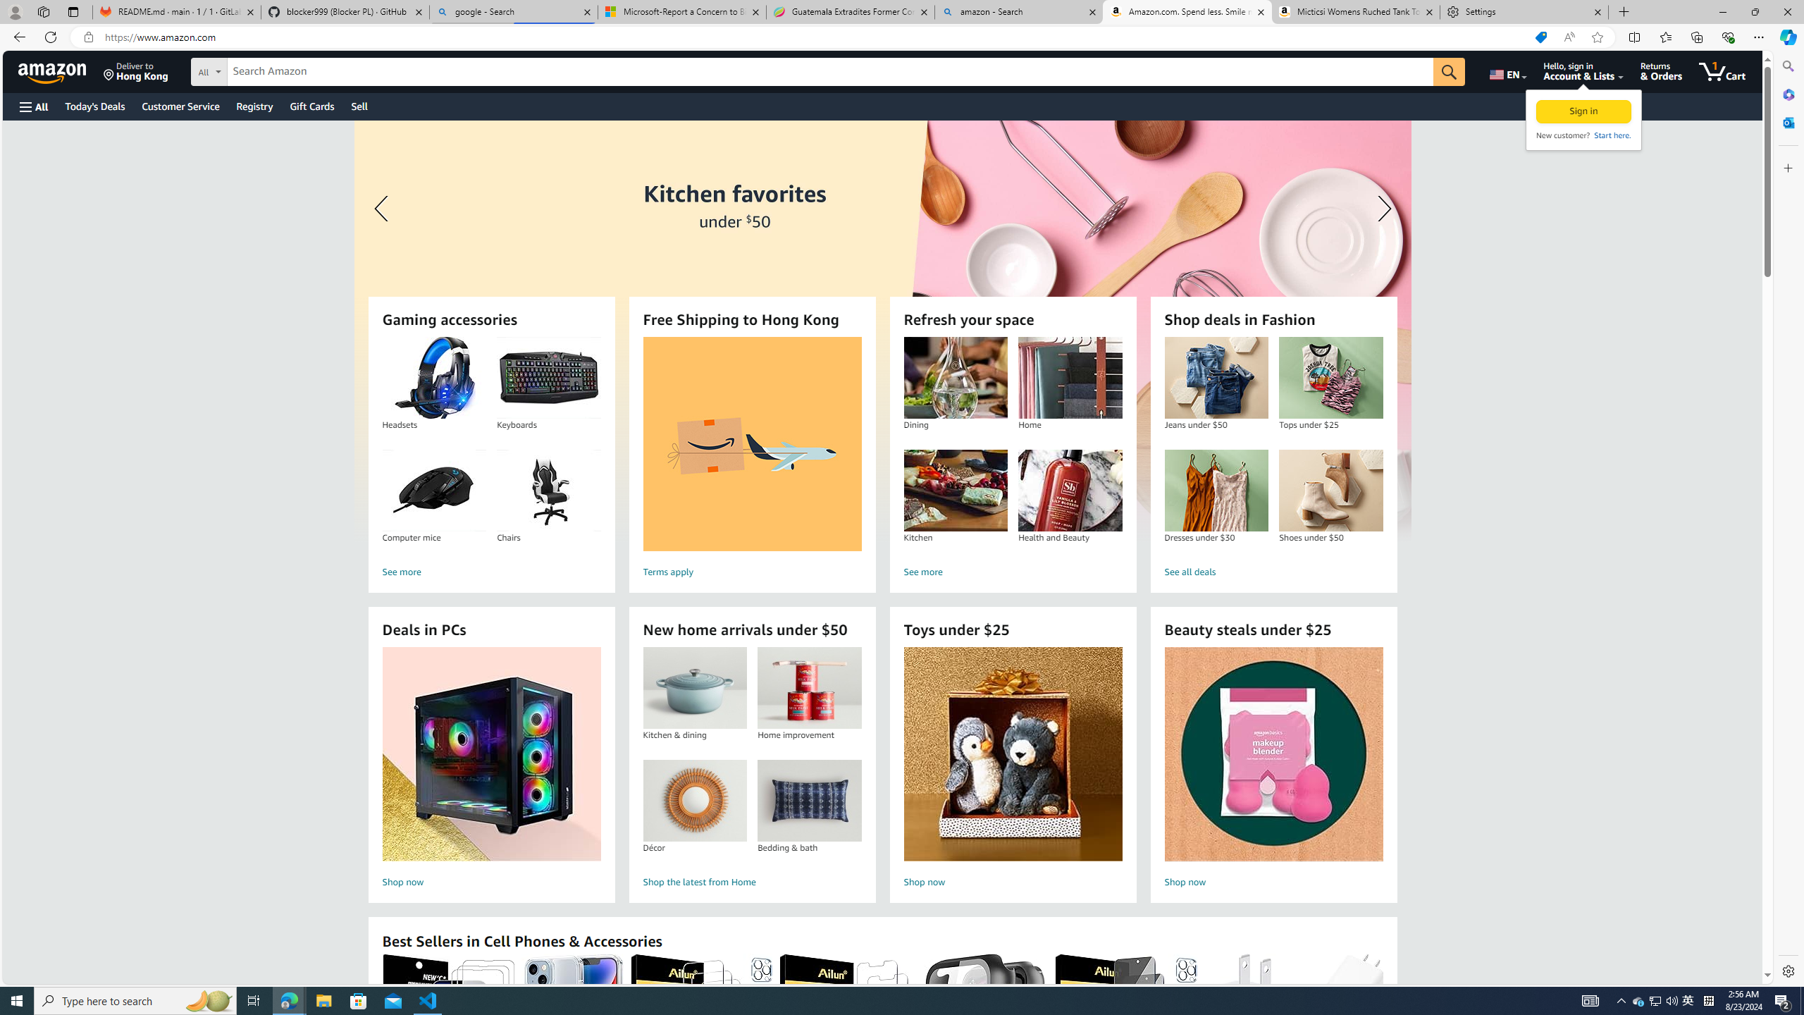  I want to click on 'Side bar', so click(1788, 518).